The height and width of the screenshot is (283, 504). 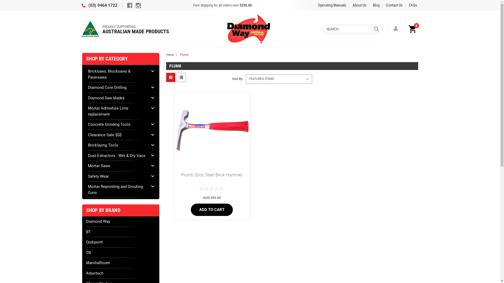 What do you see at coordinates (359, 5) in the screenshot?
I see `'About Us'` at bounding box center [359, 5].